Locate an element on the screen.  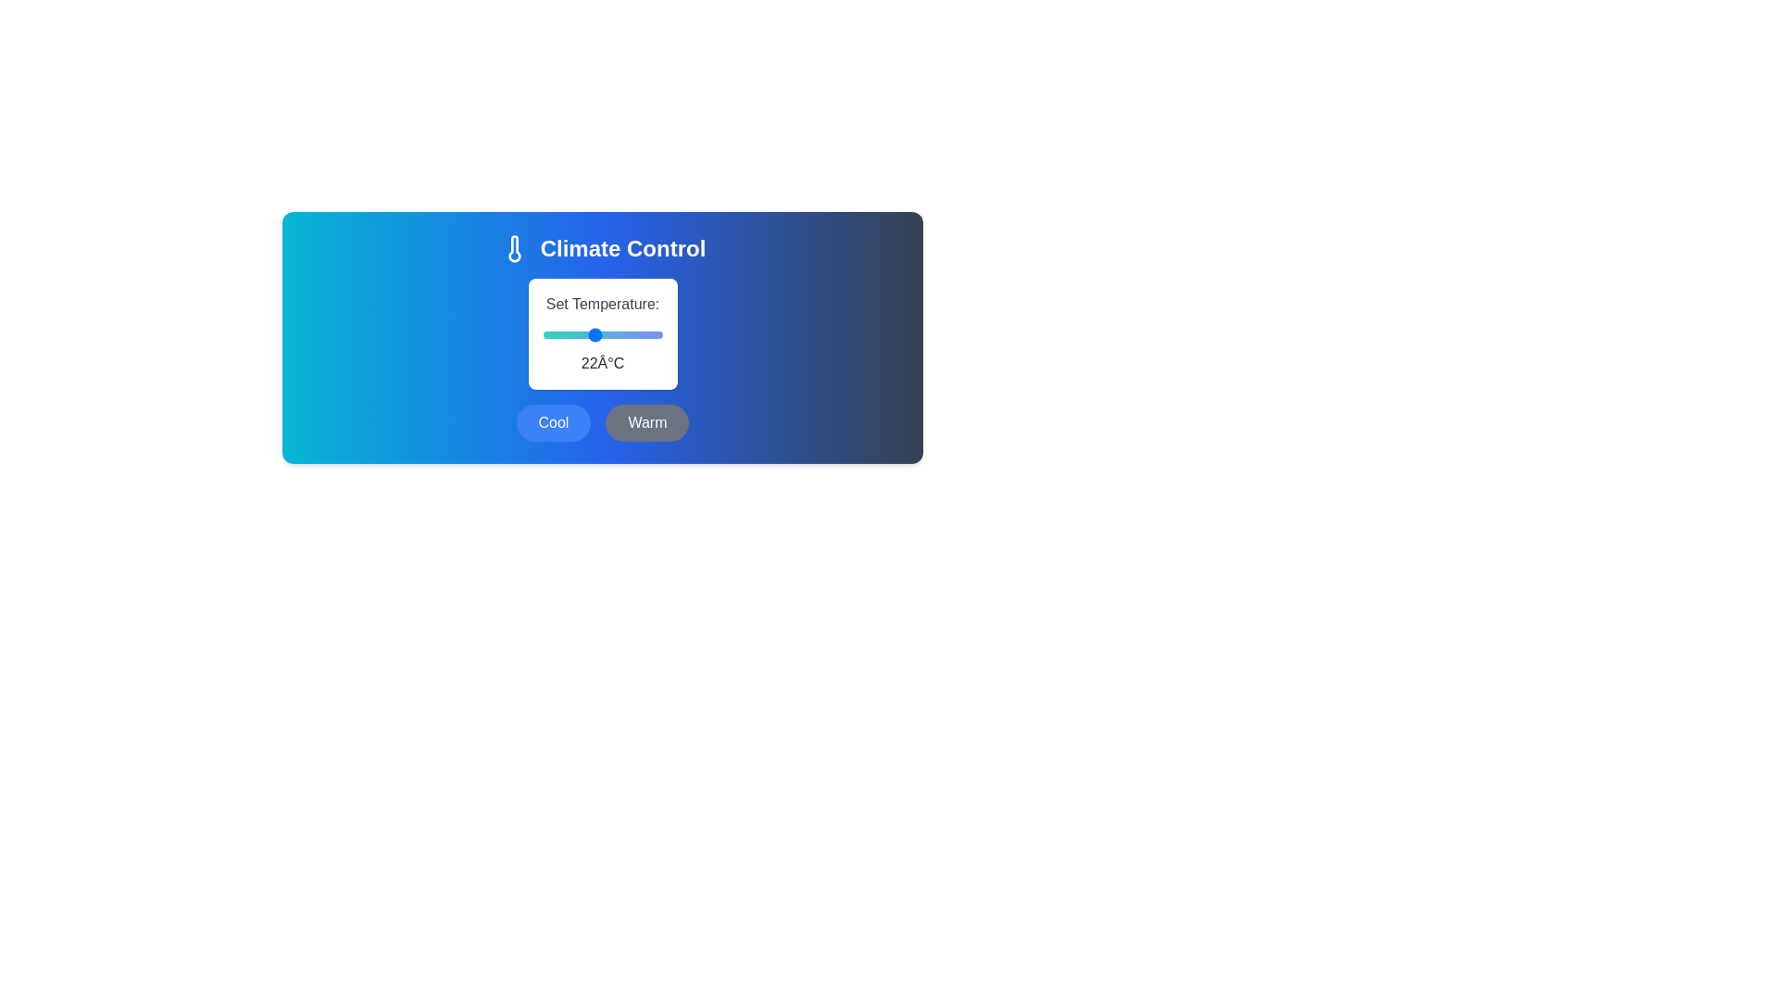
the Text Display element that shows '22°C' is located at coordinates (603, 364).